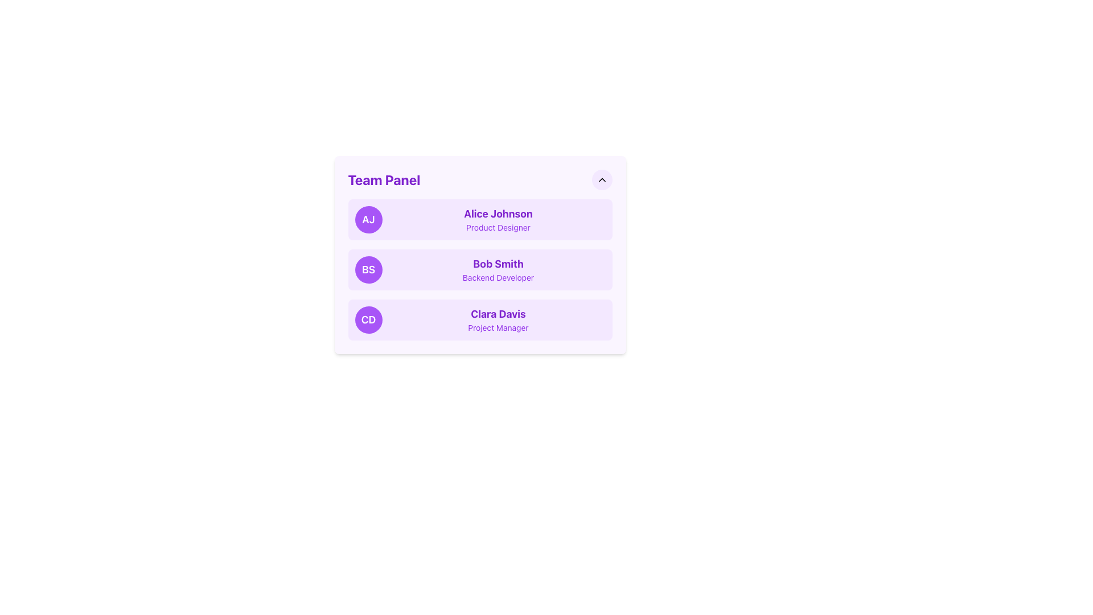 Image resolution: width=1093 pixels, height=615 pixels. What do you see at coordinates (368, 320) in the screenshot?
I see `the circular avatar element with a purple background and white 'CD' text, which identifies Clara Davis in the Team Panel` at bounding box center [368, 320].